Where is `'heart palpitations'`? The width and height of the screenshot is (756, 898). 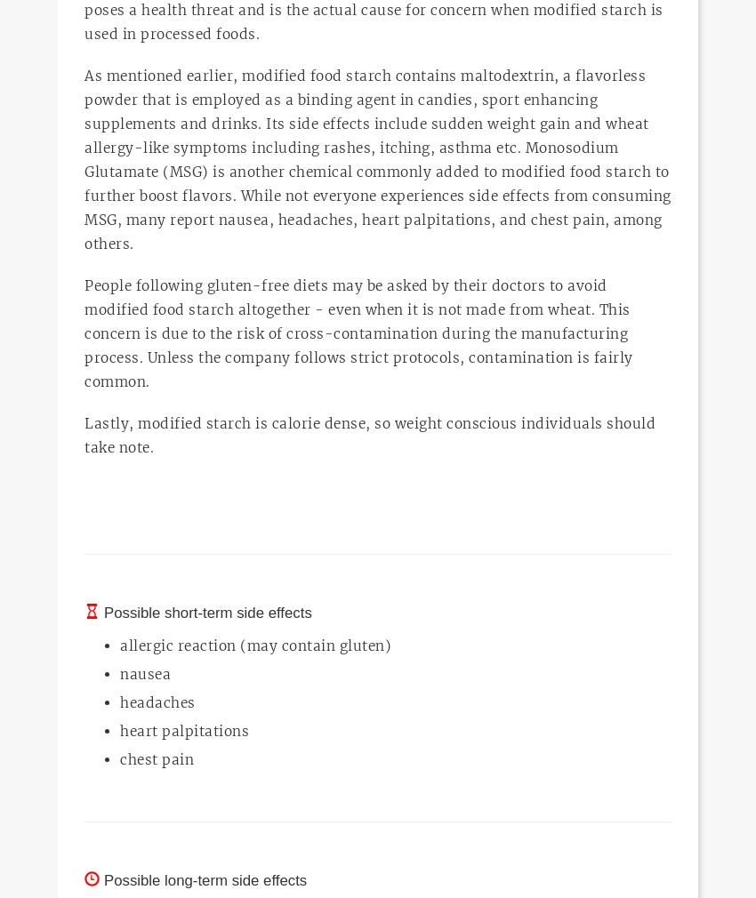 'heart palpitations' is located at coordinates (183, 730).